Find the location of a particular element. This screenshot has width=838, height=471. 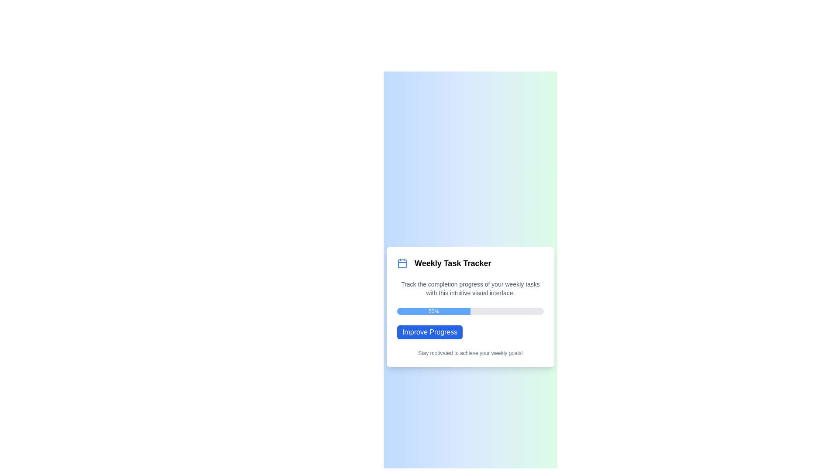

the Heading with icon that serves as the title for the task tracker card, located at the top of the card is located at coordinates (470, 263).